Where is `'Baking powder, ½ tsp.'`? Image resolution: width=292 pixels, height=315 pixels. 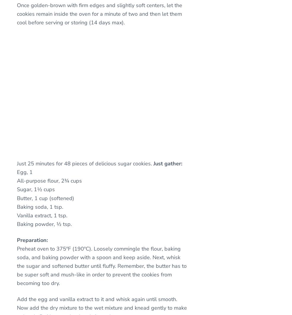
'Baking powder, ½ tsp.' is located at coordinates (44, 224).